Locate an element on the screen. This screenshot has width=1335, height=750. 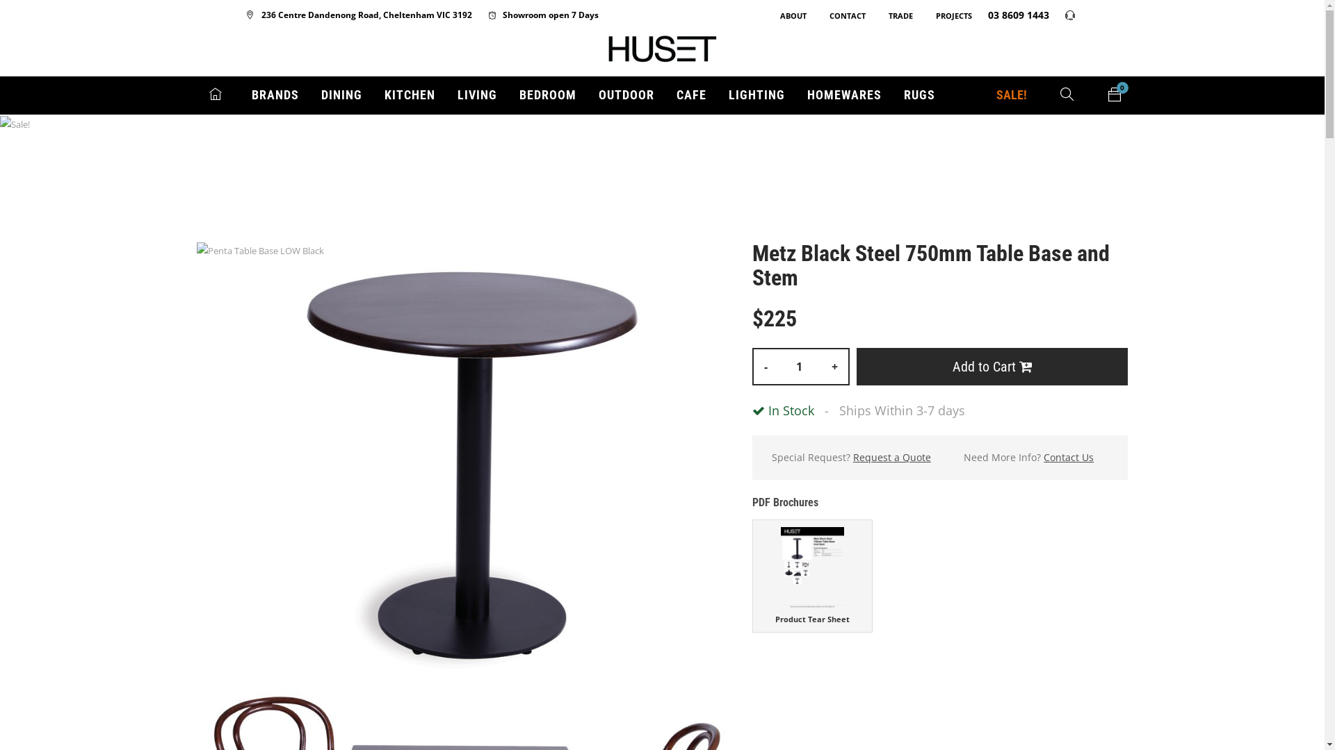
'RUGS' is located at coordinates (919, 94).